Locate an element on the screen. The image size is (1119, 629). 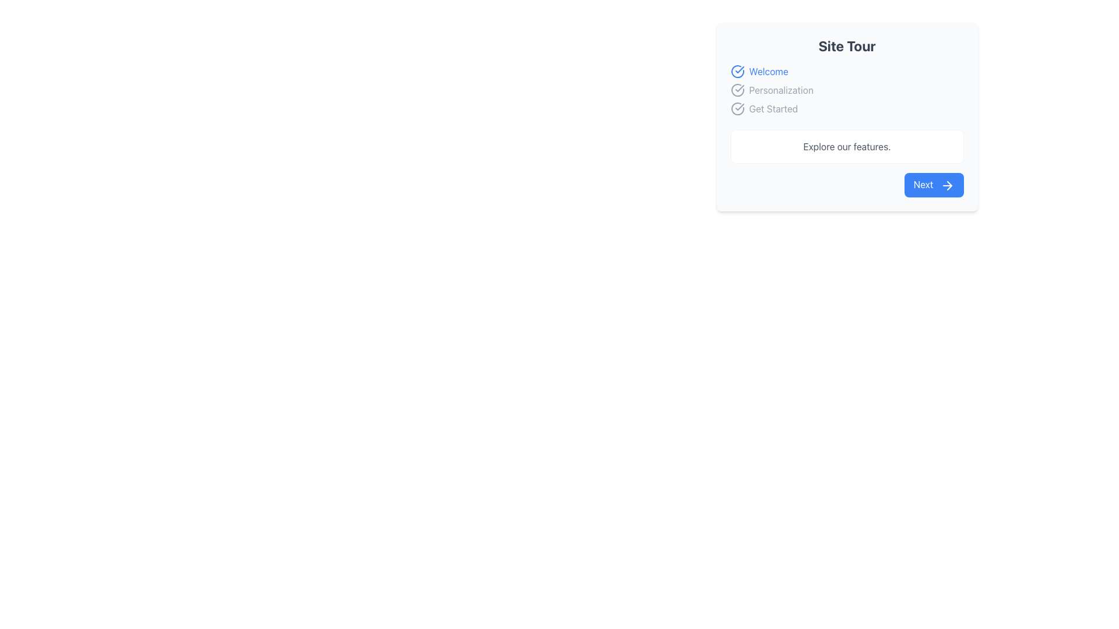
the checkmark icon with a circular outline located to the left of the 'Get Started' text in the Site Tour progress tracker interface is located at coordinates (737, 108).